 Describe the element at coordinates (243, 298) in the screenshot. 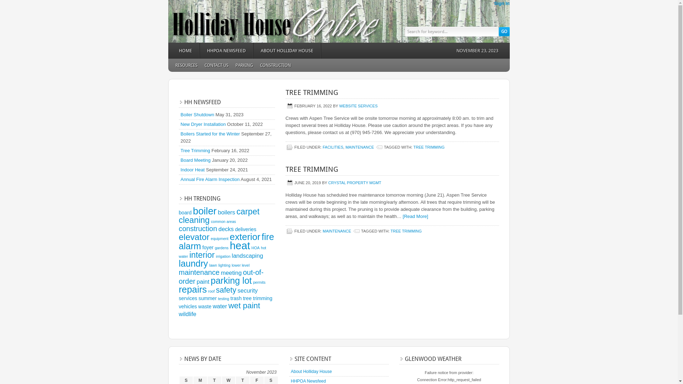

I see `'tree trimming'` at that location.